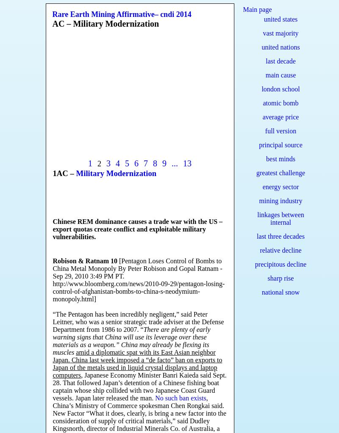 The width and height of the screenshot is (339, 433). I want to click on 'No such ban exists', so click(181, 397).